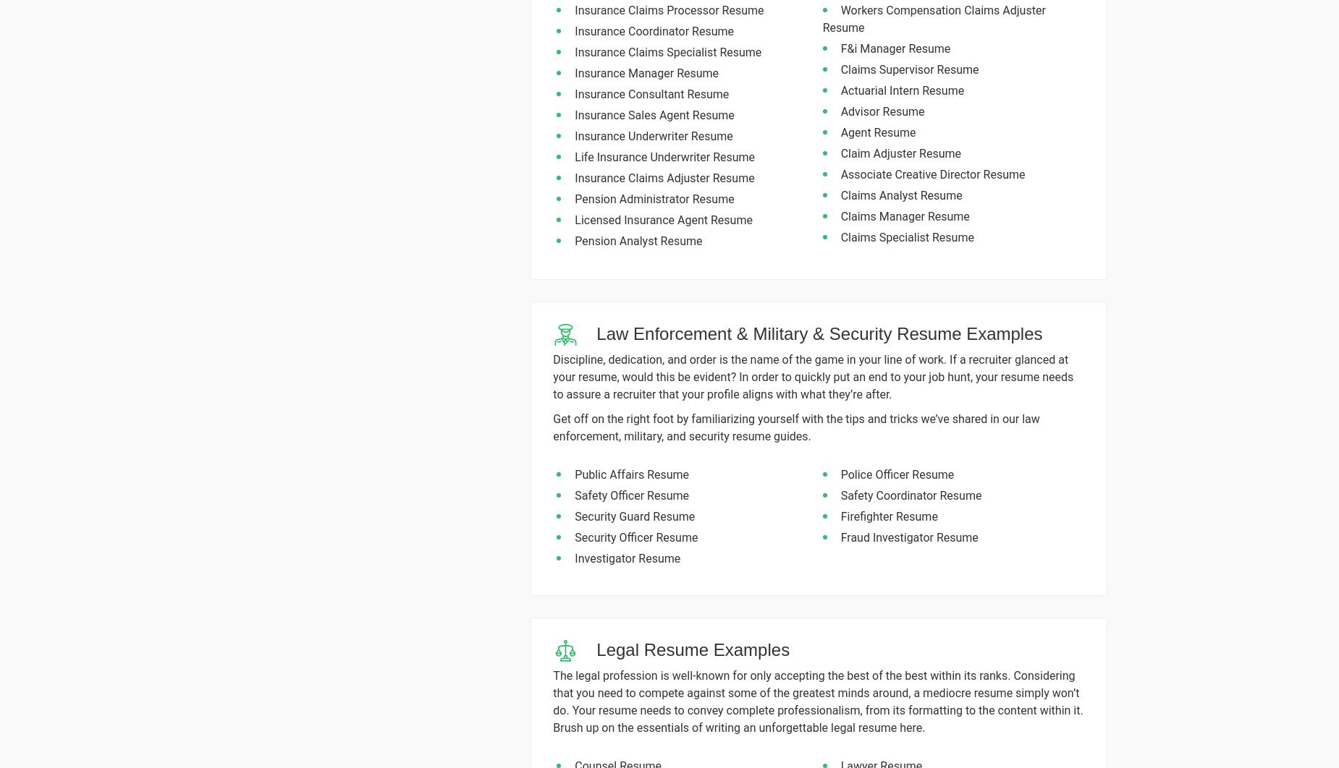  Describe the element at coordinates (816, 701) in the screenshot. I see `'The legal profession is well-known for only accepting the best of the best within its ranks. Considering that you need to compete against some of the greatest minds around, a mediocre resume simply won’t do. Your resume needs to convey complete professionalism, from its formatting to the content within it. Brush up on the essentials of writing an unforgettable legal resume here.'` at that location.